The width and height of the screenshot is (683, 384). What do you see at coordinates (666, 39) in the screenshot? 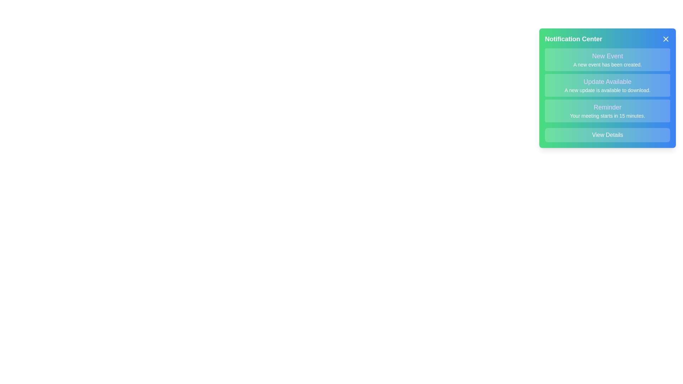
I see `the close button to dismiss the notification panel` at bounding box center [666, 39].